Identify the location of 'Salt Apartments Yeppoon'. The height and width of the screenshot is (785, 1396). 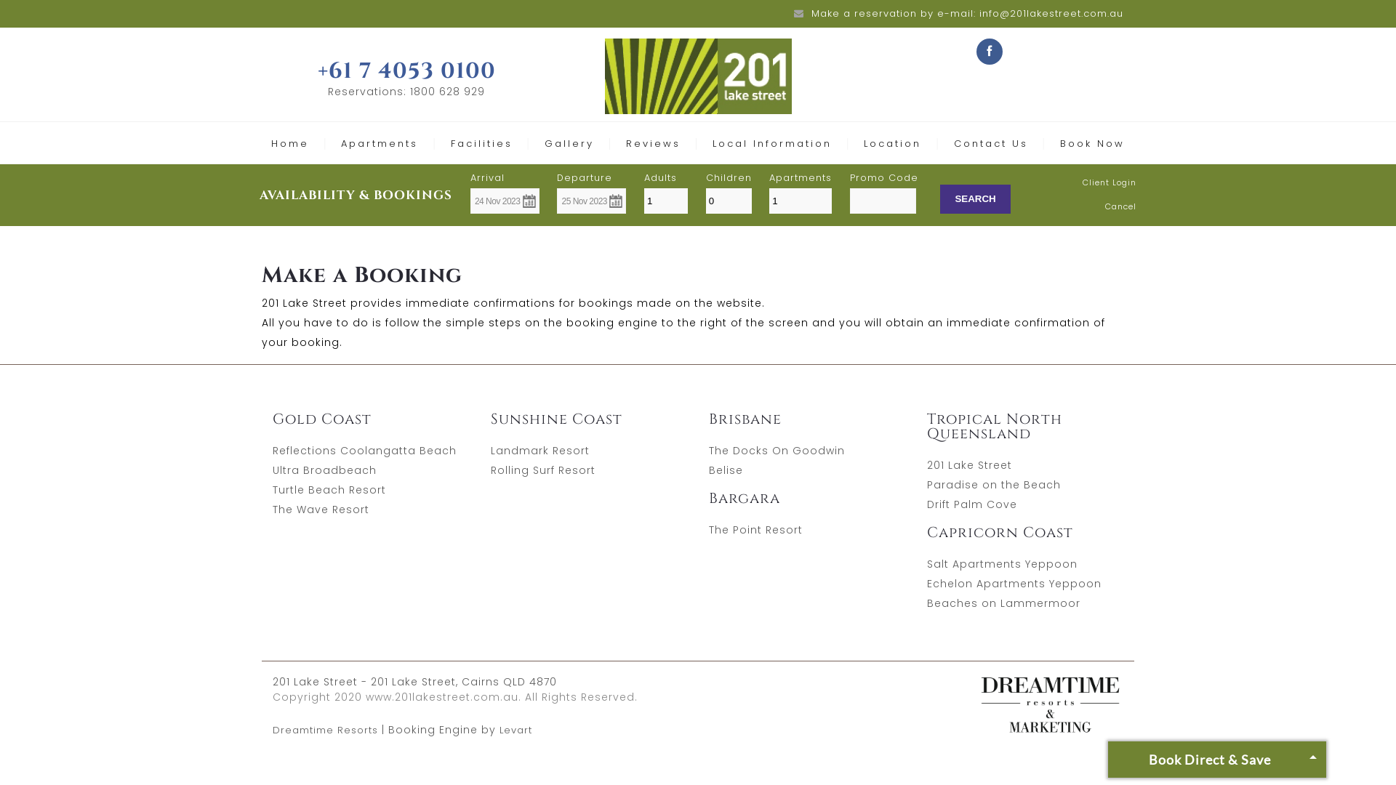
(1001, 563).